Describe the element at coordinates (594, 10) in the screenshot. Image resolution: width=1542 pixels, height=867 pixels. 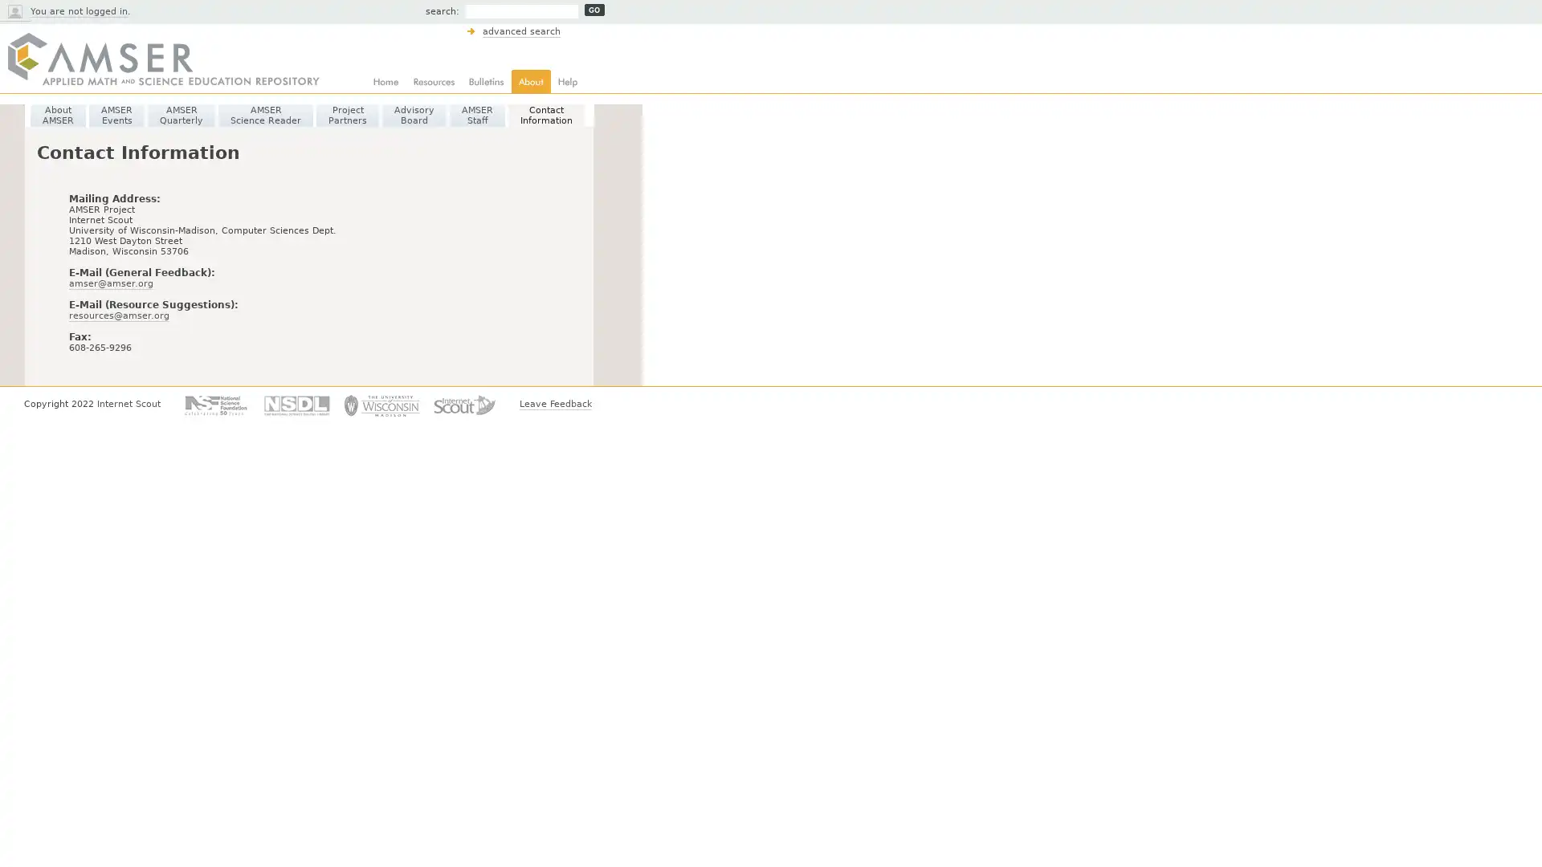
I see `Submit` at that location.